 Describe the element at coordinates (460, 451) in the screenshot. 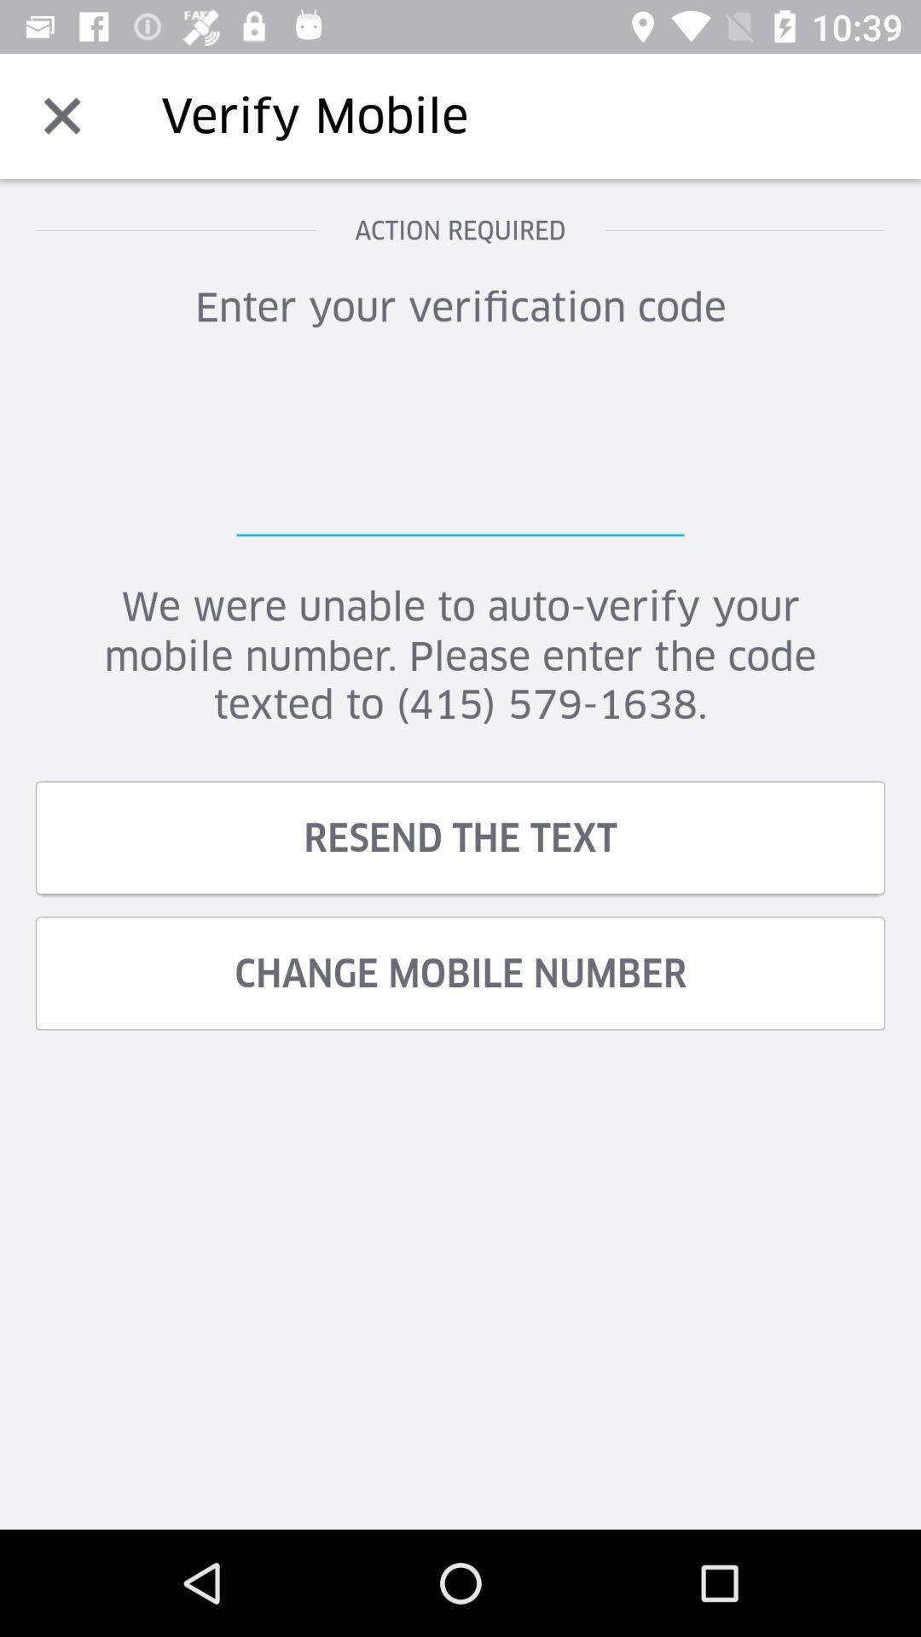

I see `verification code bar` at that location.